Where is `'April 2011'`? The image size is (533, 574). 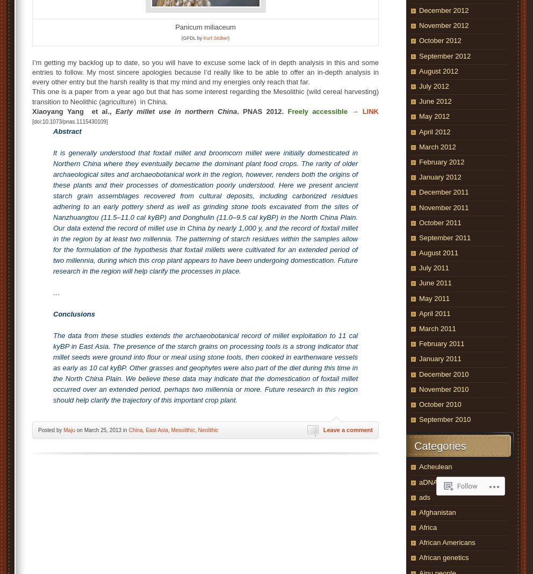
'April 2011' is located at coordinates (434, 312).